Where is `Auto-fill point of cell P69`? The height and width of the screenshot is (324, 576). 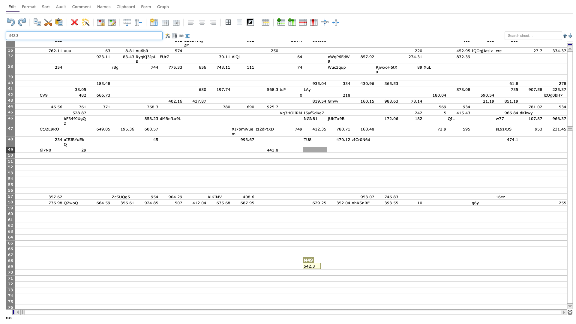 Auto-fill point of cell P69 is located at coordinates (399, 269).